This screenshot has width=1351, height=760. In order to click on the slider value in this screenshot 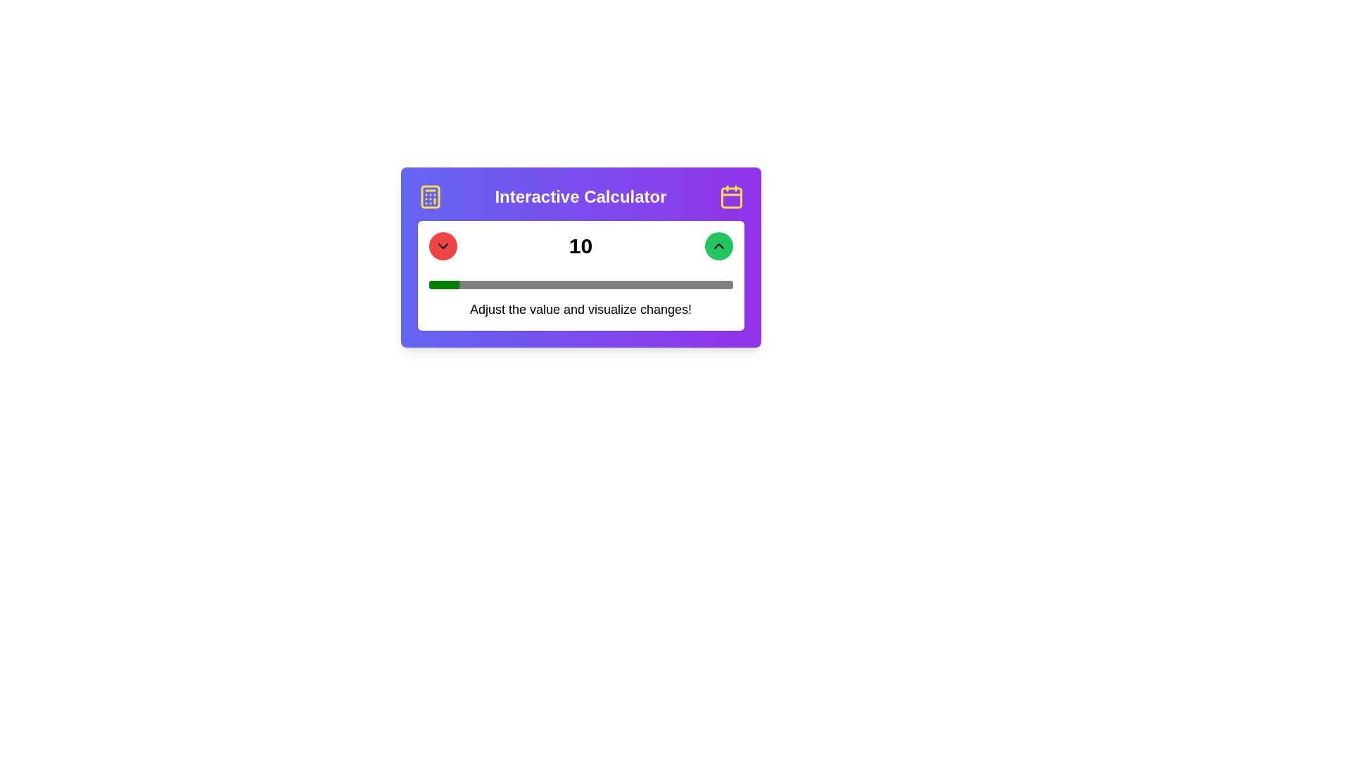, I will do `click(434, 285)`.